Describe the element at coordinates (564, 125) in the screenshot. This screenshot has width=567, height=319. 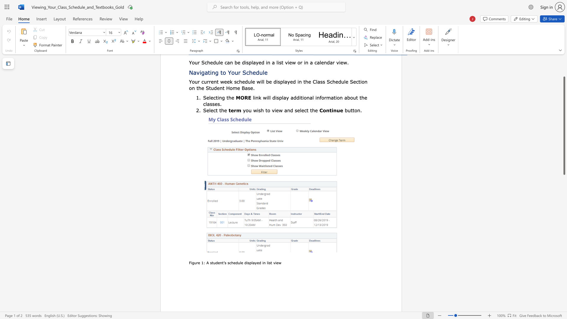
I see `the scrollbar and move up 50 pixels` at that location.